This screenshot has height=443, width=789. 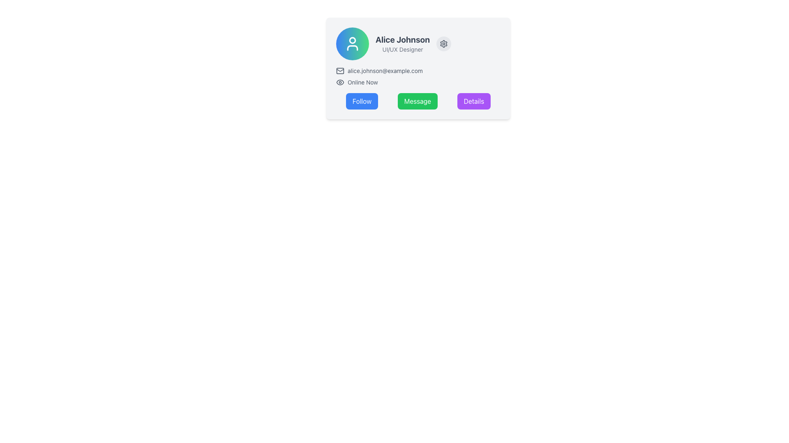 What do you see at coordinates (402, 49) in the screenshot?
I see `the static text label displaying 'UI/UX Designer', which is located below the bold title 'Alice Johnson' in the profile card layout` at bounding box center [402, 49].